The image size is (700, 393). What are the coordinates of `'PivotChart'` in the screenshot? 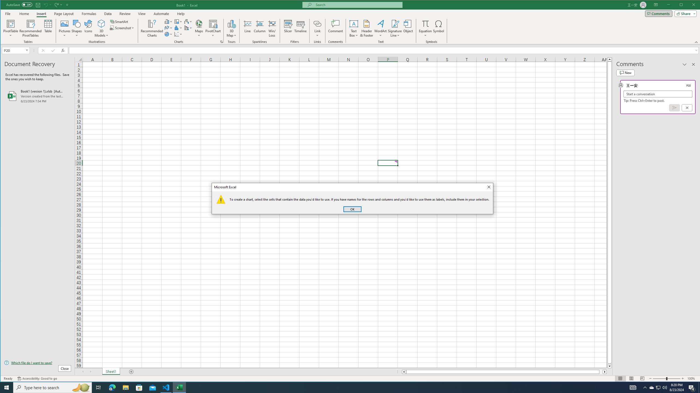 It's located at (213, 23).